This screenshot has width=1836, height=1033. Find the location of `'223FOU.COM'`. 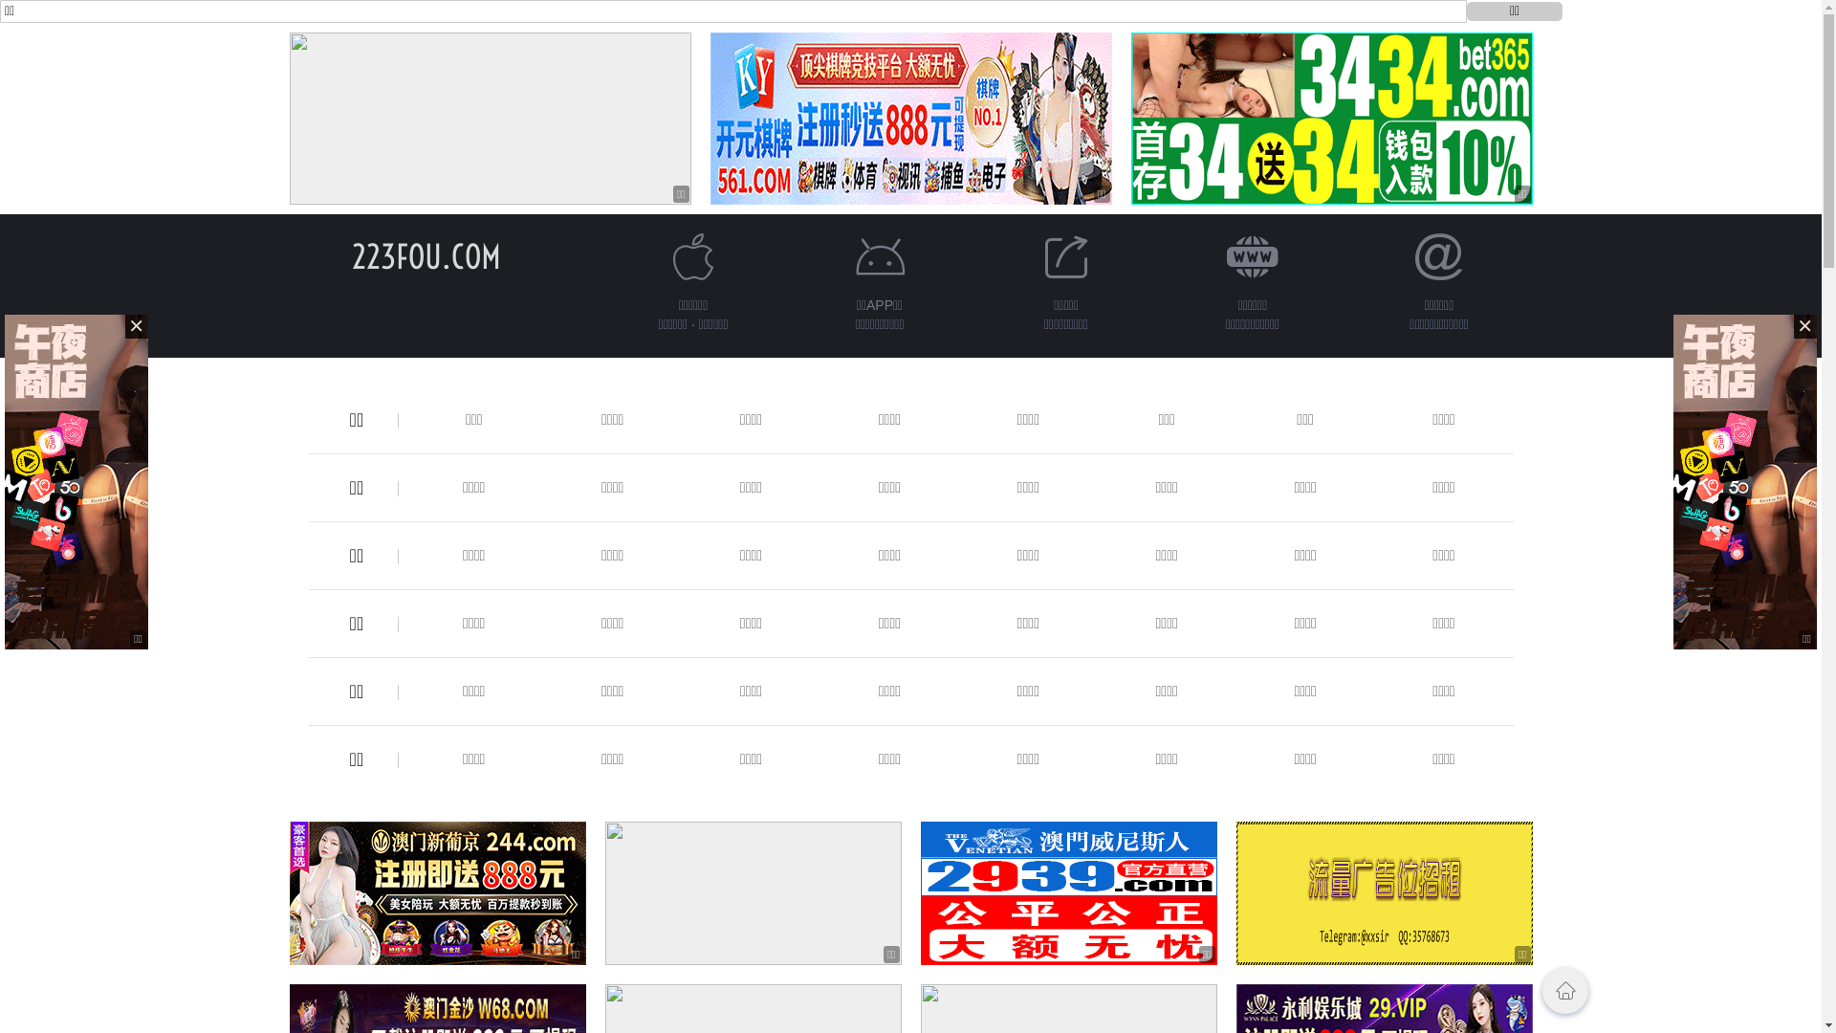

'223FOU.COM' is located at coordinates (426, 255).